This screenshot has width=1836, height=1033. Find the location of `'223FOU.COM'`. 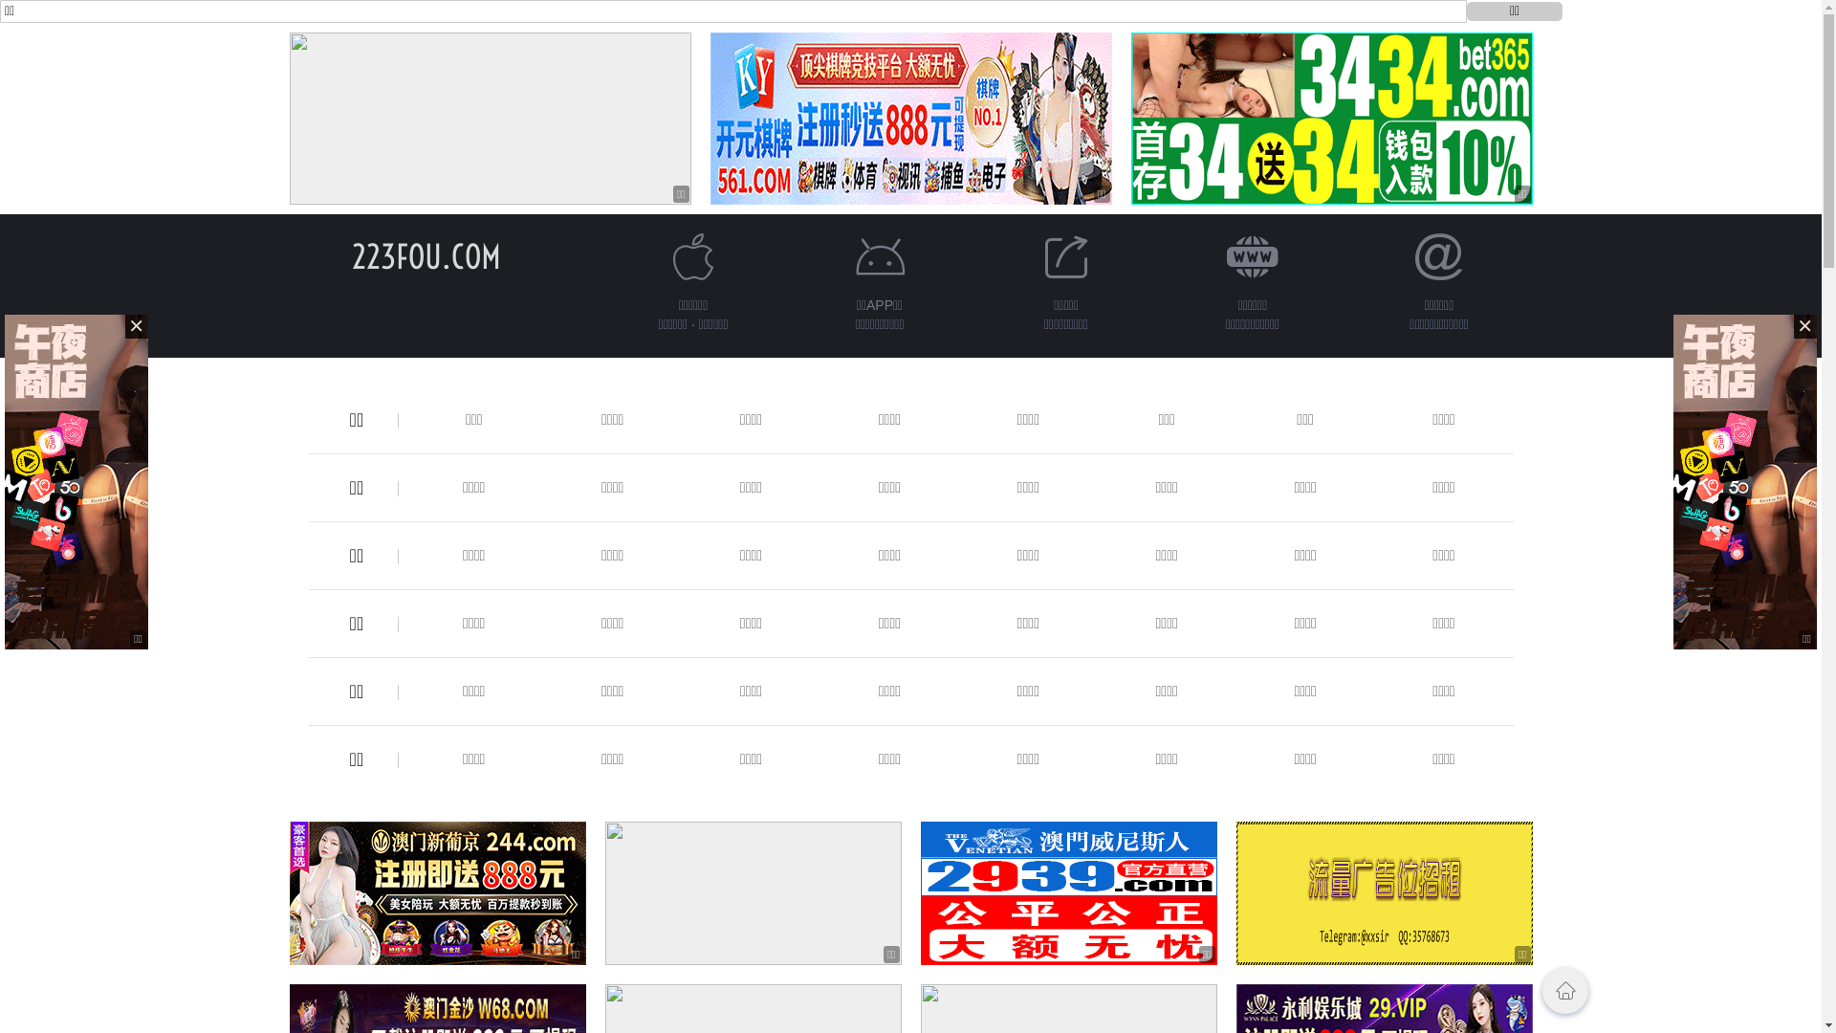

'223FOU.COM' is located at coordinates (426, 255).